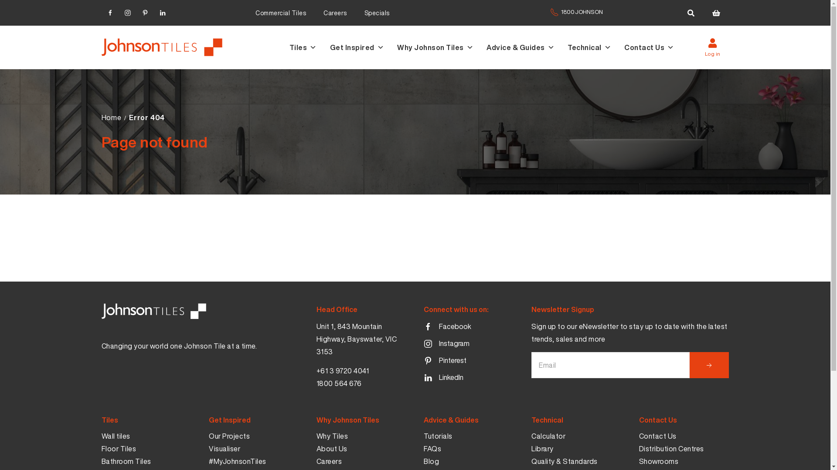 This screenshot has height=470, width=837. Describe the element at coordinates (342, 371) in the screenshot. I see `'+61 3 9720 4041'` at that location.